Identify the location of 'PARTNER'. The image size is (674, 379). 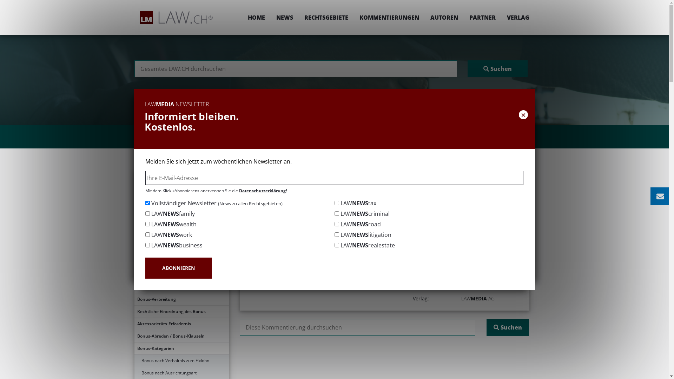
(482, 17).